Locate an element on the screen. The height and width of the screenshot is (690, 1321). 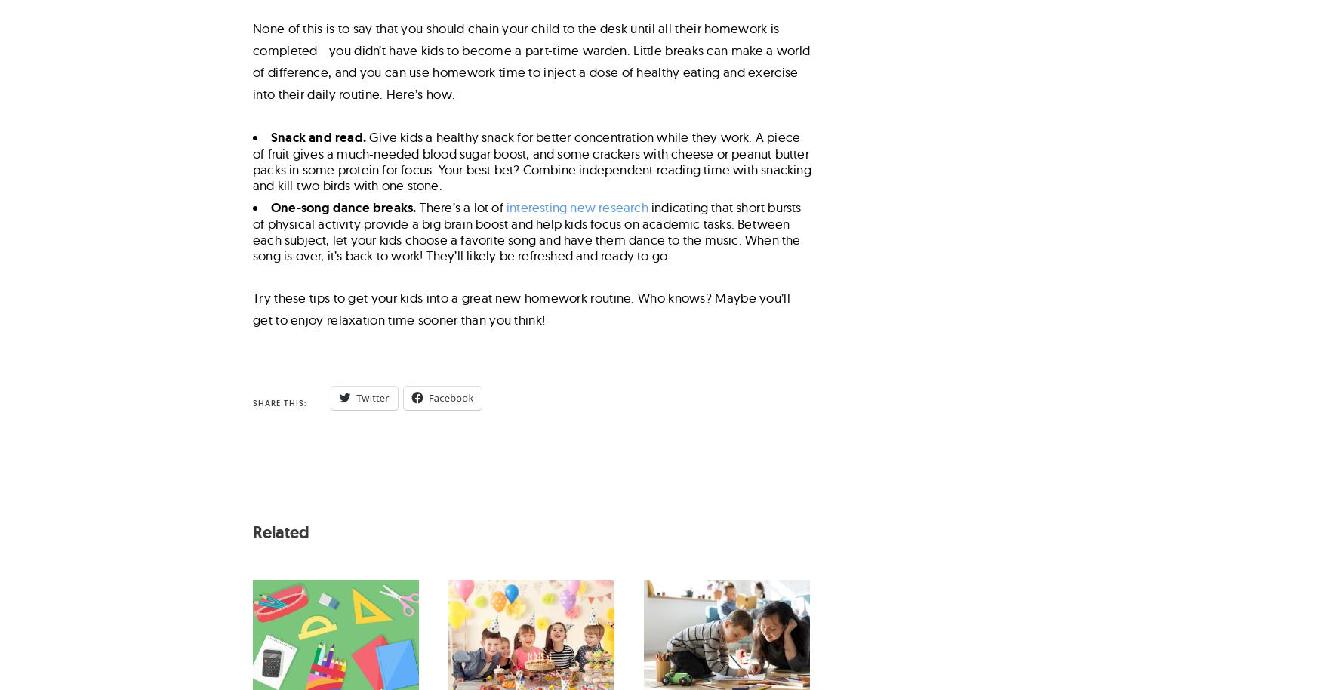
'indicating that short bursts of physical activity provide a big brain boost and help kids focus on academic tasks. Between each subject, let your kids choose a favorite song and have them dance to the music. When the song is over, it’s back to work! They’ll likely be refreshed and ready to go.' is located at coordinates (527, 231).